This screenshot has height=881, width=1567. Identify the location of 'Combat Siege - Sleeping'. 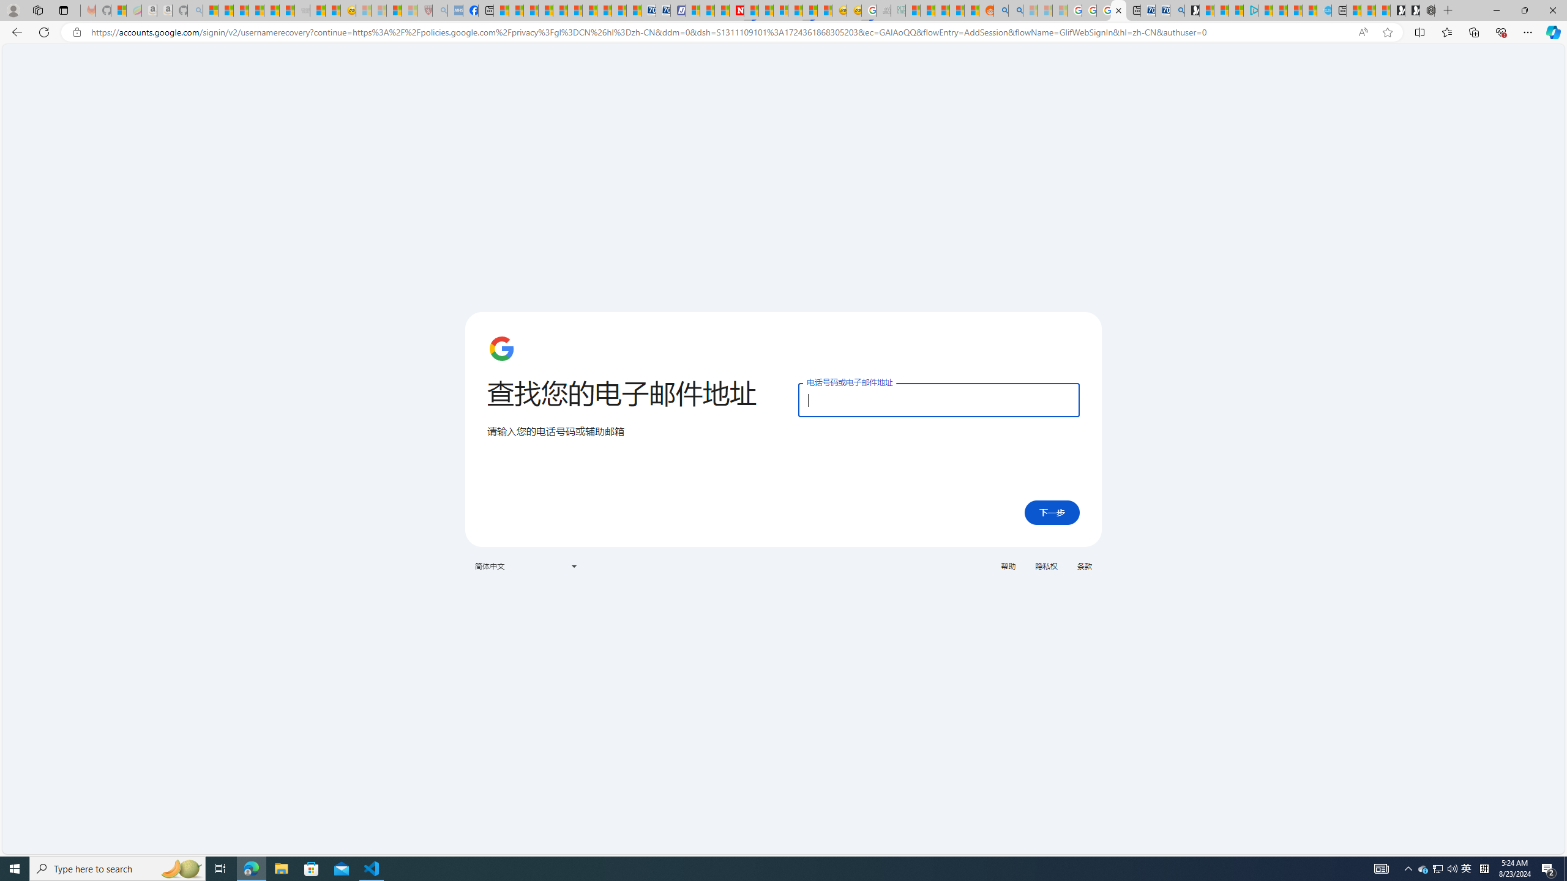
(302, 10).